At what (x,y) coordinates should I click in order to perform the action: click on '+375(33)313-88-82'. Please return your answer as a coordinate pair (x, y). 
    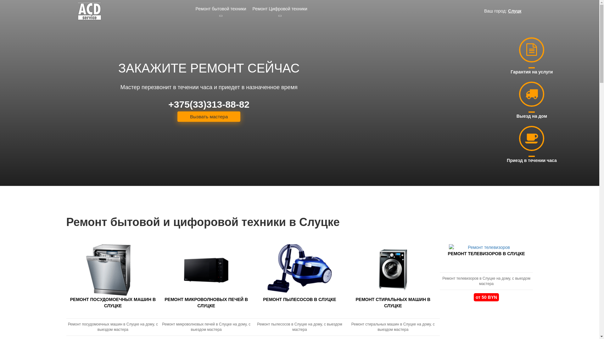
    Looking at the image, I should click on (209, 104).